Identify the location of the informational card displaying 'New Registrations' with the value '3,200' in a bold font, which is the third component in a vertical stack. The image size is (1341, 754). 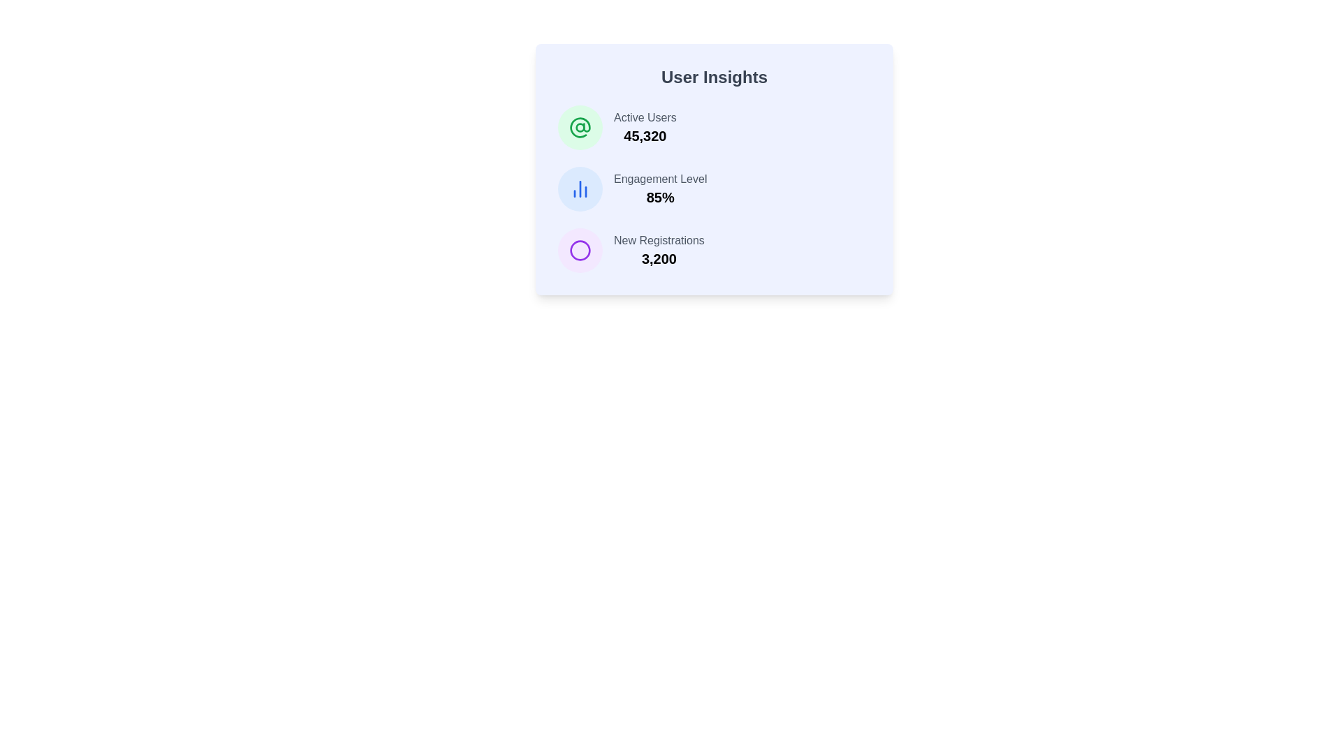
(714, 249).